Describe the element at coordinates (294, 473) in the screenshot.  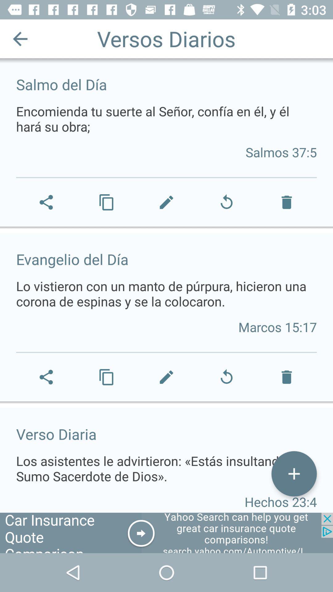
I see `app below the verso diaria icon` at that location.